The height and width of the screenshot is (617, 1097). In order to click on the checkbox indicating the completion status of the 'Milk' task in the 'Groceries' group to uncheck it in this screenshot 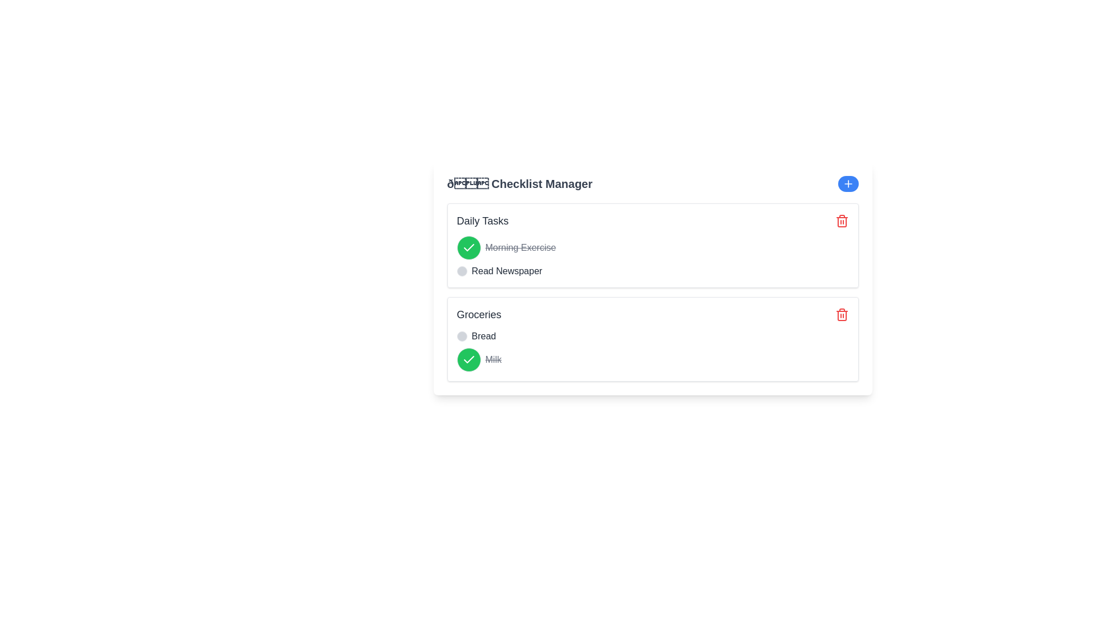, I will do `click(652, 359)`.